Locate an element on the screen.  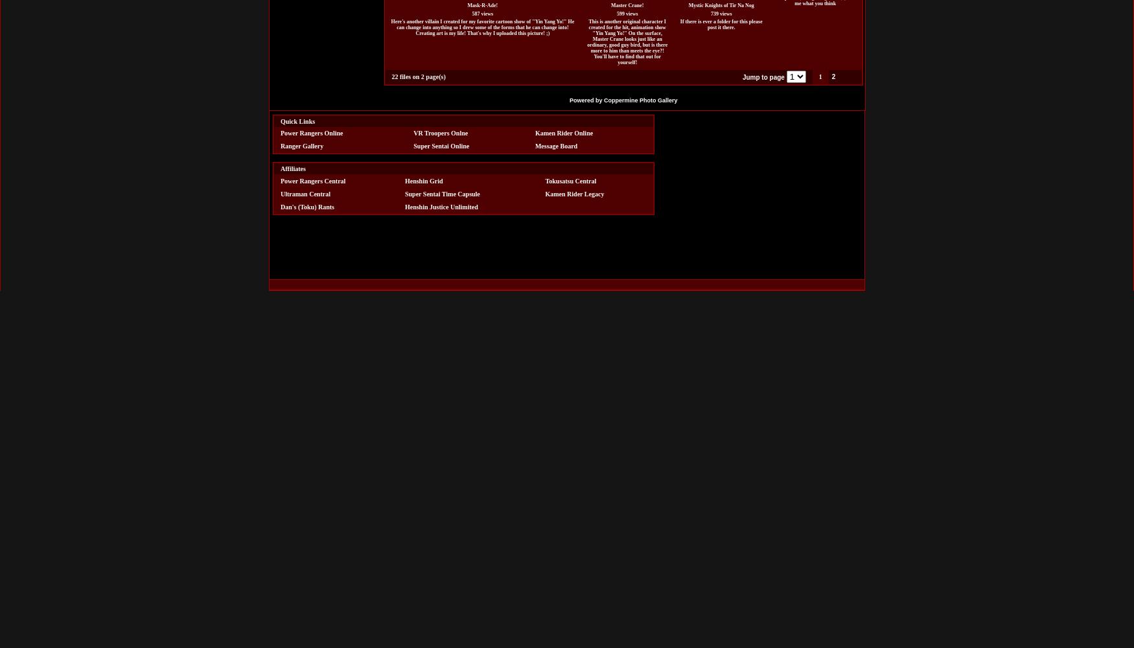
'Master Crane!' is located at coordinates (627, 5).